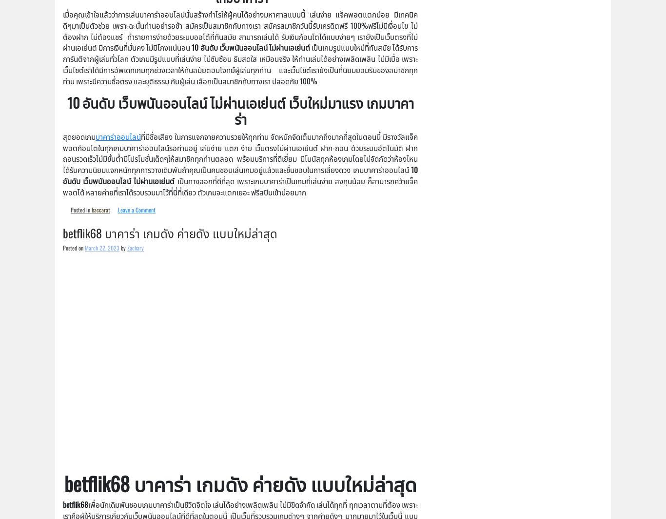 This screenshot has height=519, width=666. What do you see at coordinates (73, 247) in the screenshot?
I see `'Posted on'` at bounding box center [73, 247].